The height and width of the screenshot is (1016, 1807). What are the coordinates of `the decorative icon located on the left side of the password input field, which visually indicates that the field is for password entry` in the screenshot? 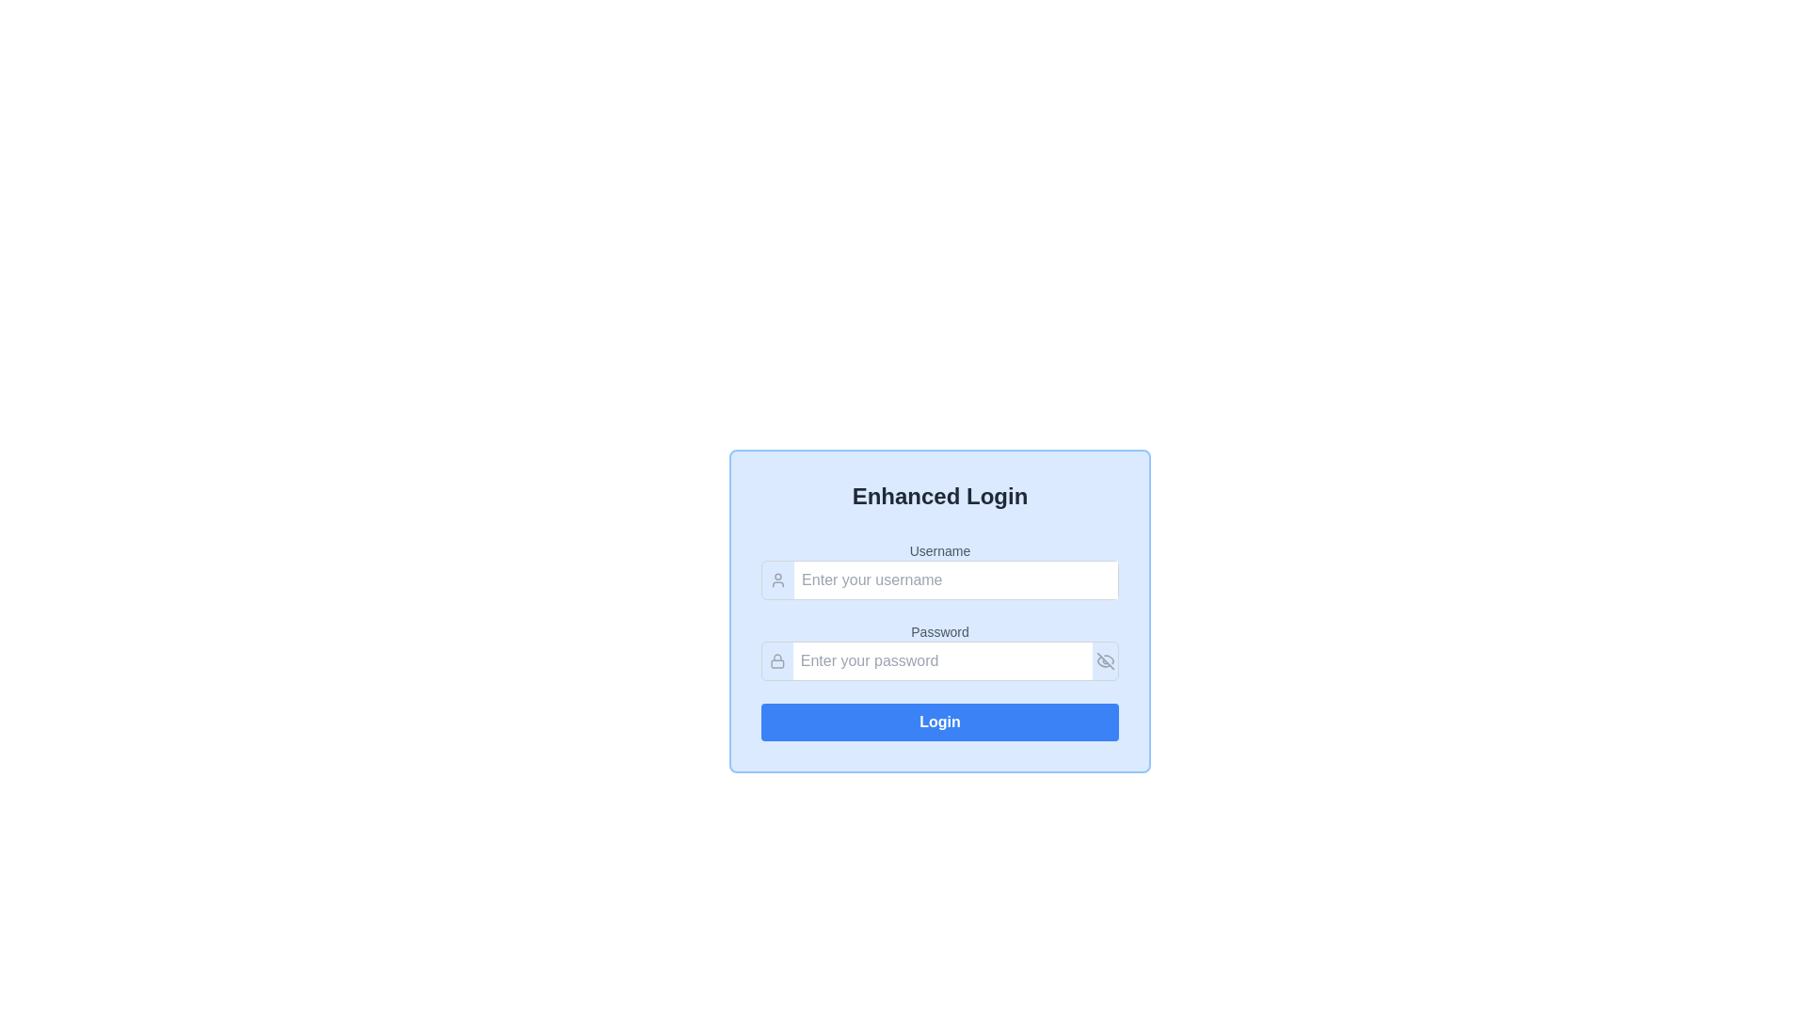 It's located at (777, 659).